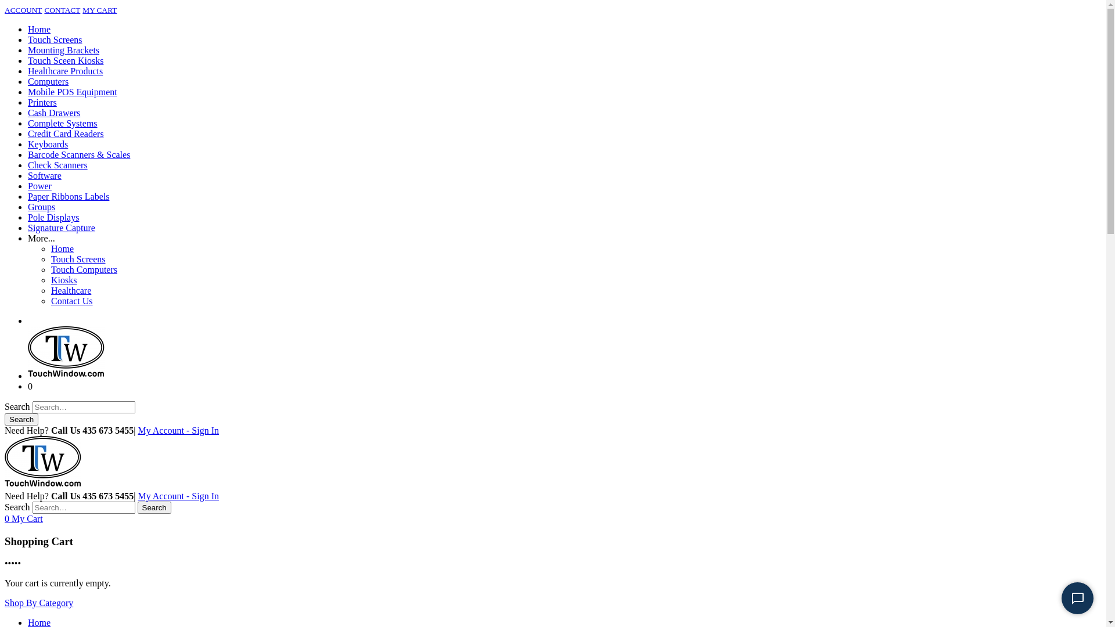 This screenshot has width=1115, height=627. Describe the element at coordinates (24, 518) in the screenshot. I see `'0 My Cart'` at that location.